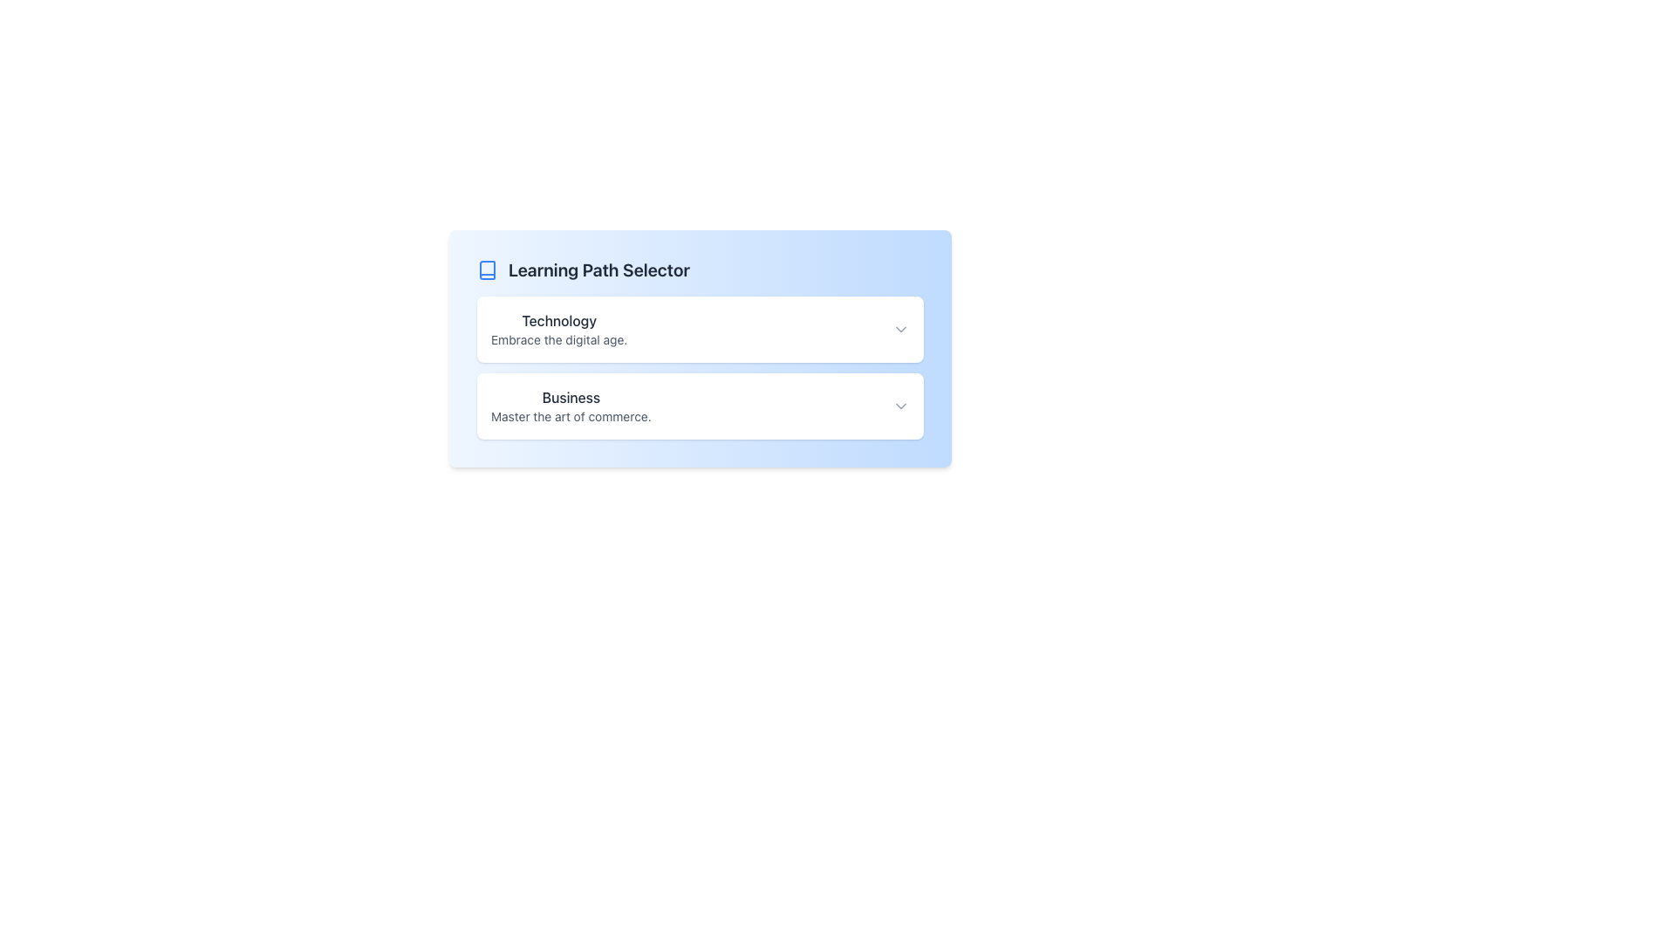 The image size is (1675, 942). What do you see at coordinates (598, 270) in the screenshot?
I see `the text label that serves as the title for a group of related controls, located to the right of a blue outlined book icon in the top section of a UI panel` at bounding box center [598, 270].